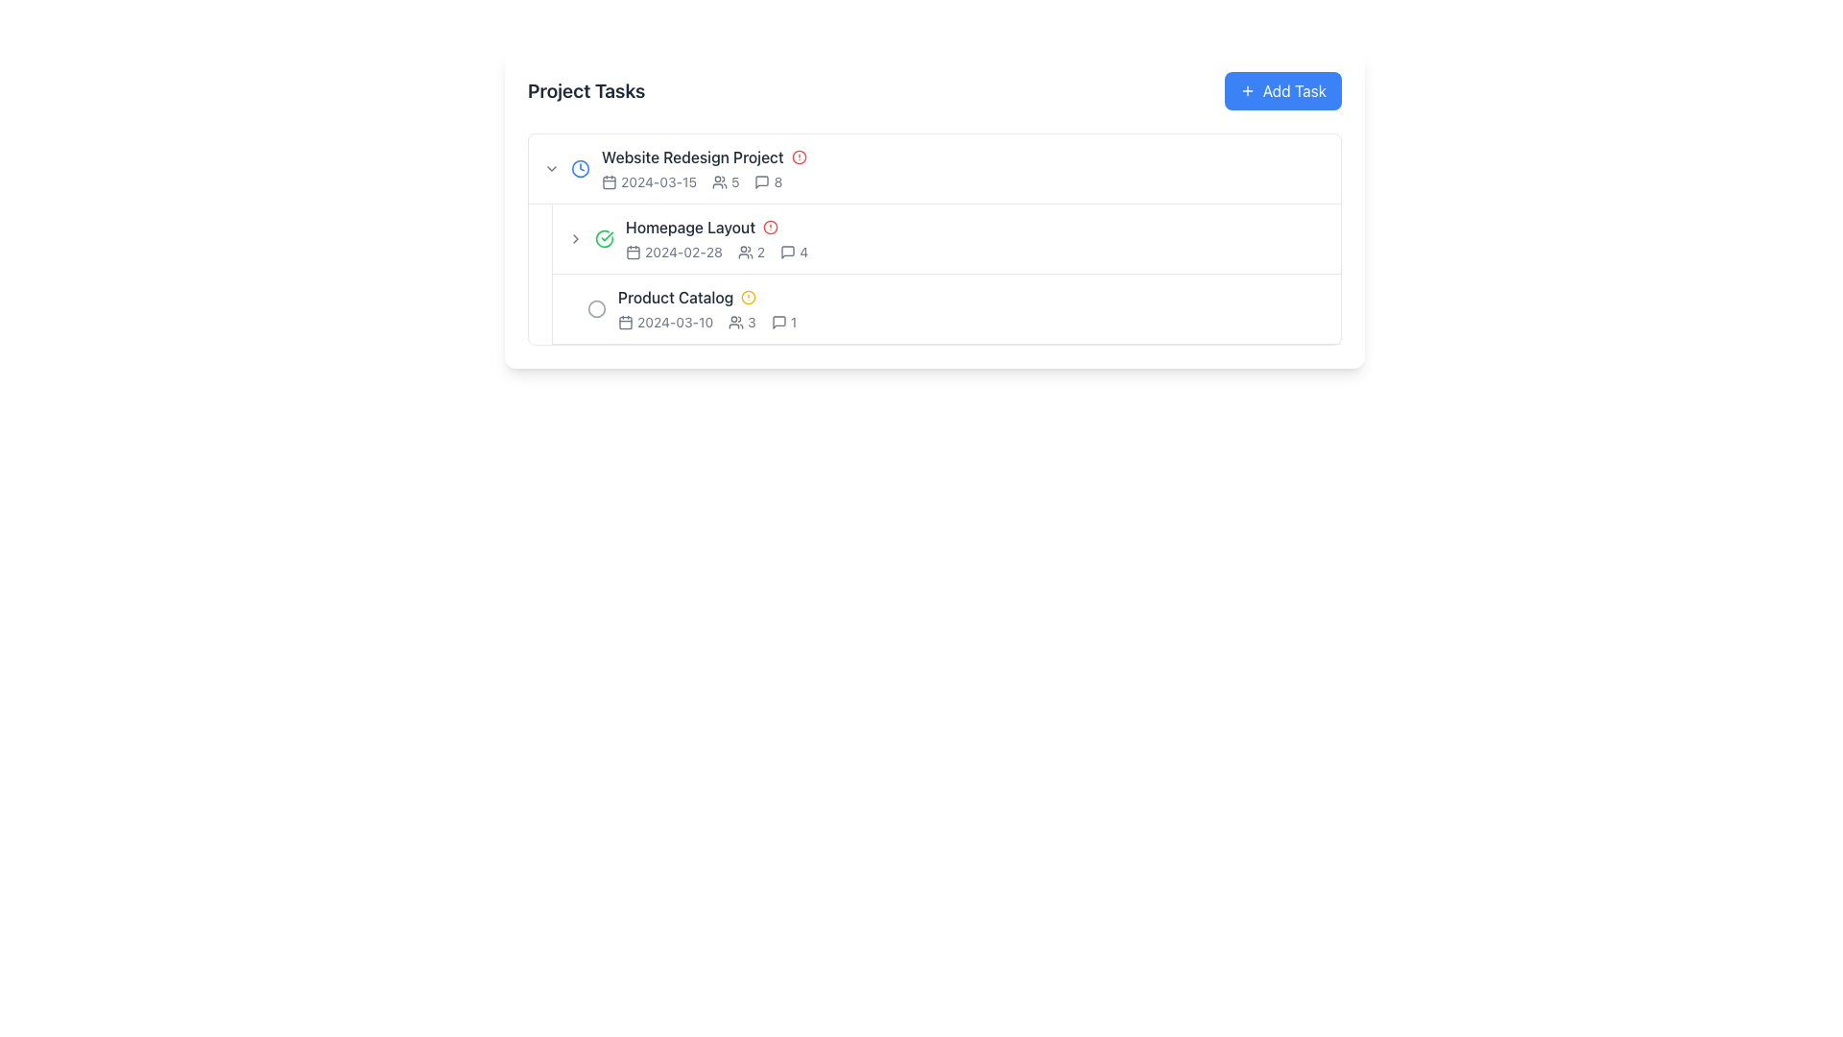 The width and height of the screenshot is (1843, 1037). What do you see at coordinates (596, 307) in the screenshot?
I see `the circular icon with a gray outline that indicates the status of the 'Product Catalog' task in the task list` at bounding box center [596, 307].